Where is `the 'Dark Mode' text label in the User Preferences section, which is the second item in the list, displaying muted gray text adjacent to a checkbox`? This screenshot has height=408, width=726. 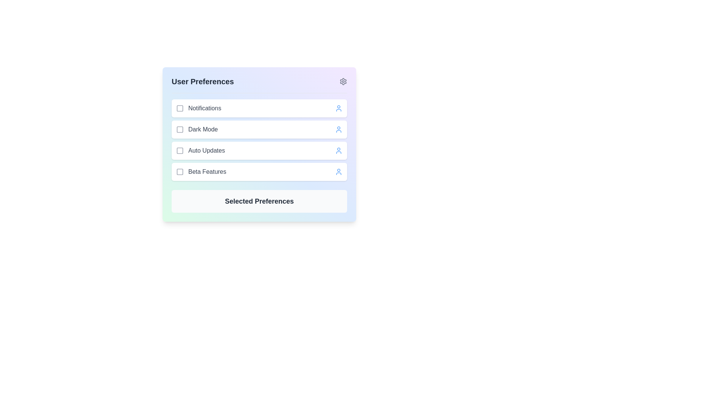 the 'Dark Mode' text label in the User Preferences section, which is the second item in the list, displaying muted gray text adjacent to a checkbox is located at coordinates (203, 129).